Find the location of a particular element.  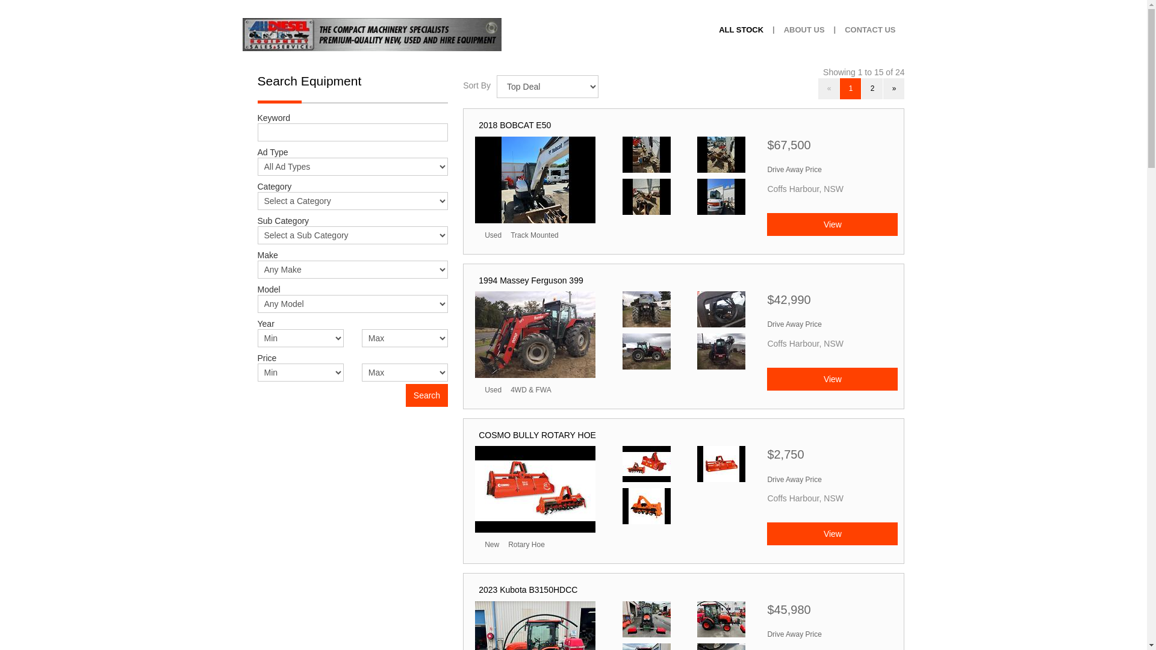

'$45,980' is located at coordinates (831, 613).